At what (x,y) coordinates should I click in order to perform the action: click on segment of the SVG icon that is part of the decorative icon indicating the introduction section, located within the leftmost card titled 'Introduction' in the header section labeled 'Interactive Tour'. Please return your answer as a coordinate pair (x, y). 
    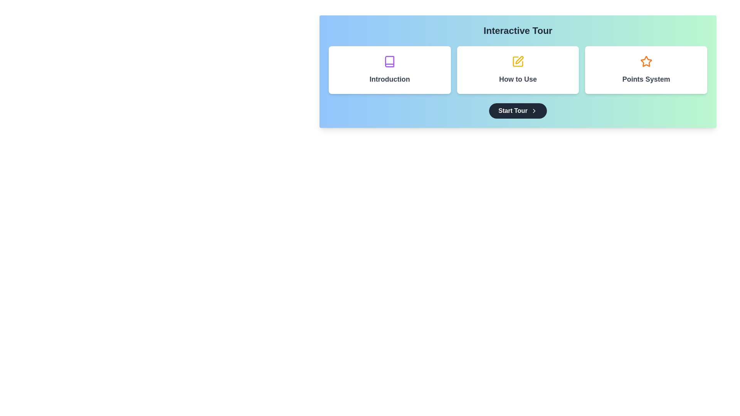
    Looking at the image, I should click on (390, 61).